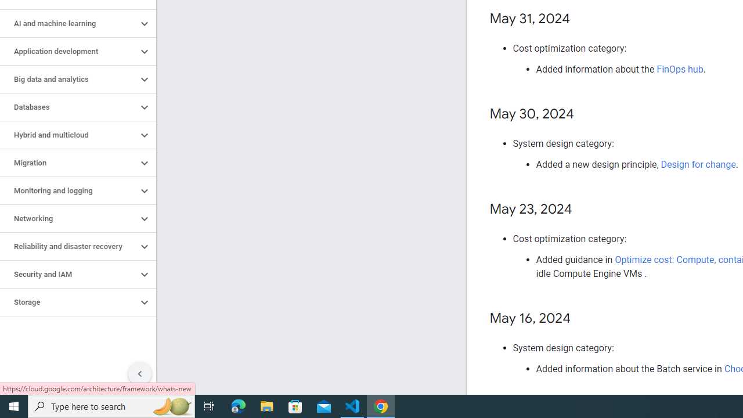 Image resolution: width=743 pixels, height=418 pixels. What do you see at coordinates (139, 374) in the screenshot?
I see `'Hide side navigation'` at bounding box center [139, 374].